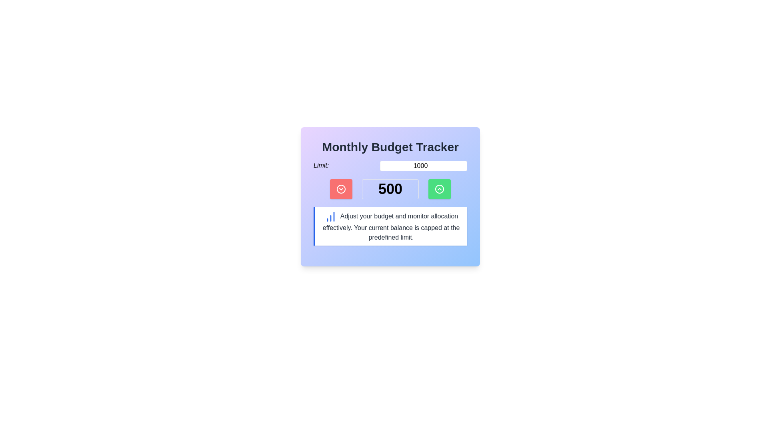 The image size is (768, 432). I want to click on the small blue icon resembling a bar chart with three vertical bars of different heights, which is positioned to the left of the descriptive text about budget adjustment, so click(330, 217).